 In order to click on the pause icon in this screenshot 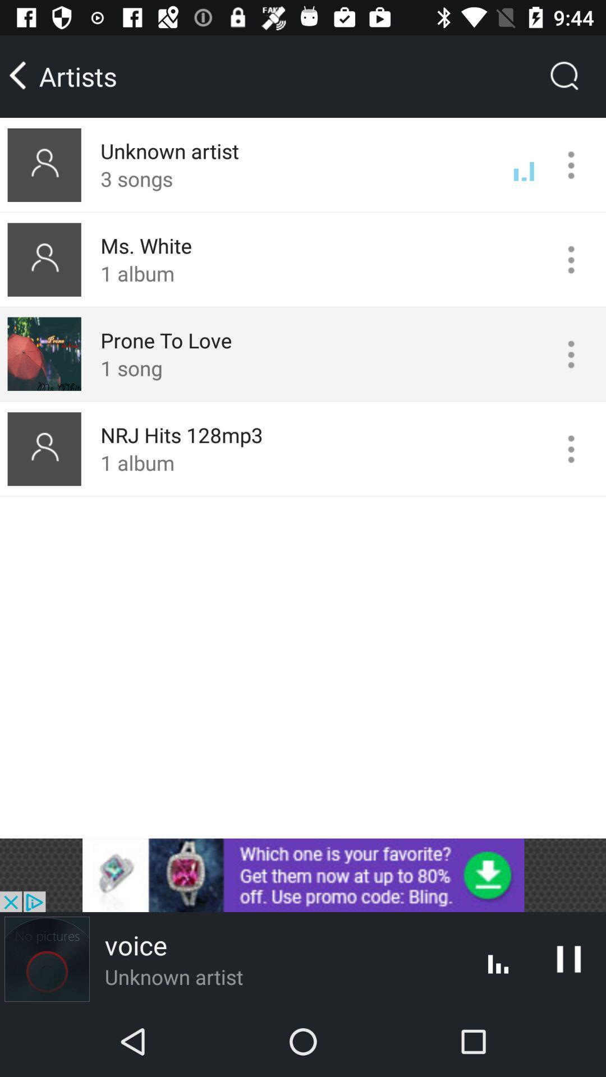, I will do `click(569, 958)`.